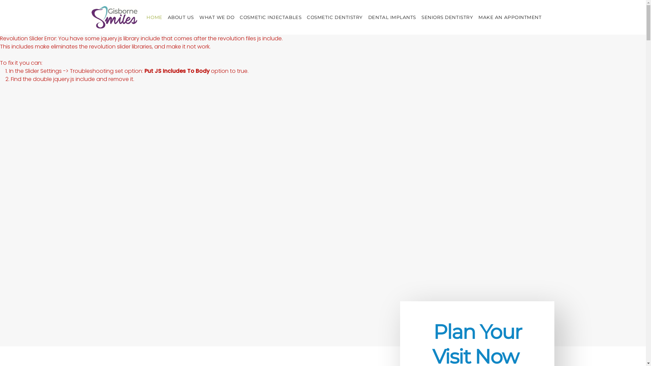 This screenshot has height=366, width=651. Describe the element at coordinates (478, 17) in the screenshot. I see `'MAKE AN APPOINTMENT'` at that location.